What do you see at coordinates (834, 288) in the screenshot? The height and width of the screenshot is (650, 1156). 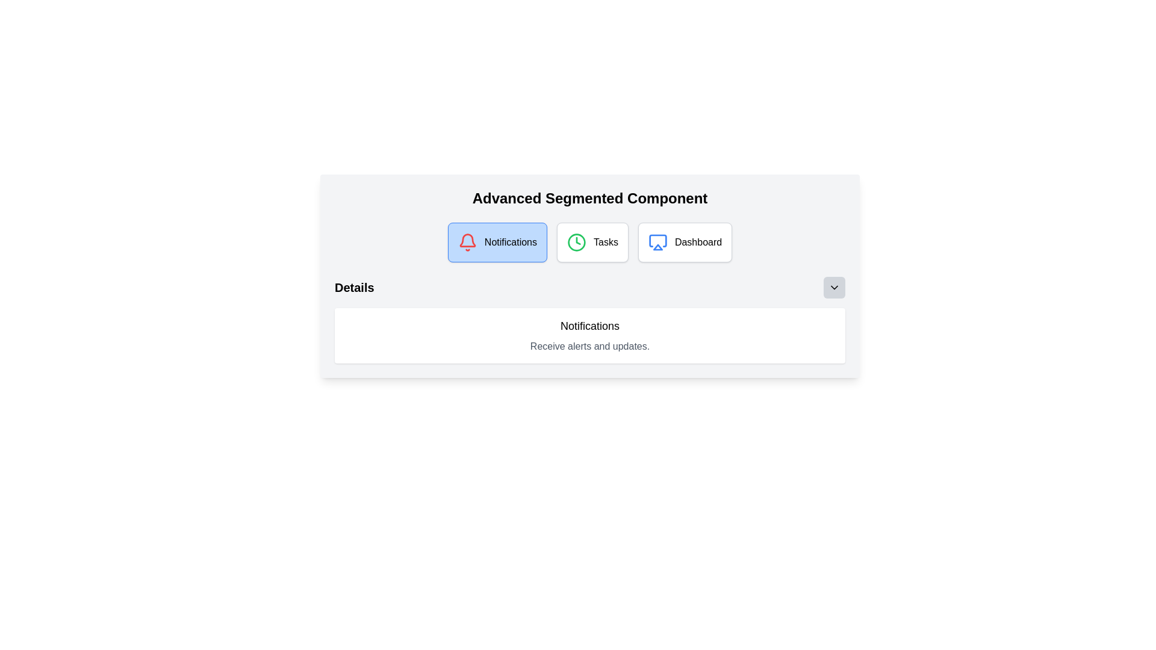 I see `the square button with rounded corners and a chevron-down icon, located to the right of the 'Details' title section` at bounding box center [834, 288].